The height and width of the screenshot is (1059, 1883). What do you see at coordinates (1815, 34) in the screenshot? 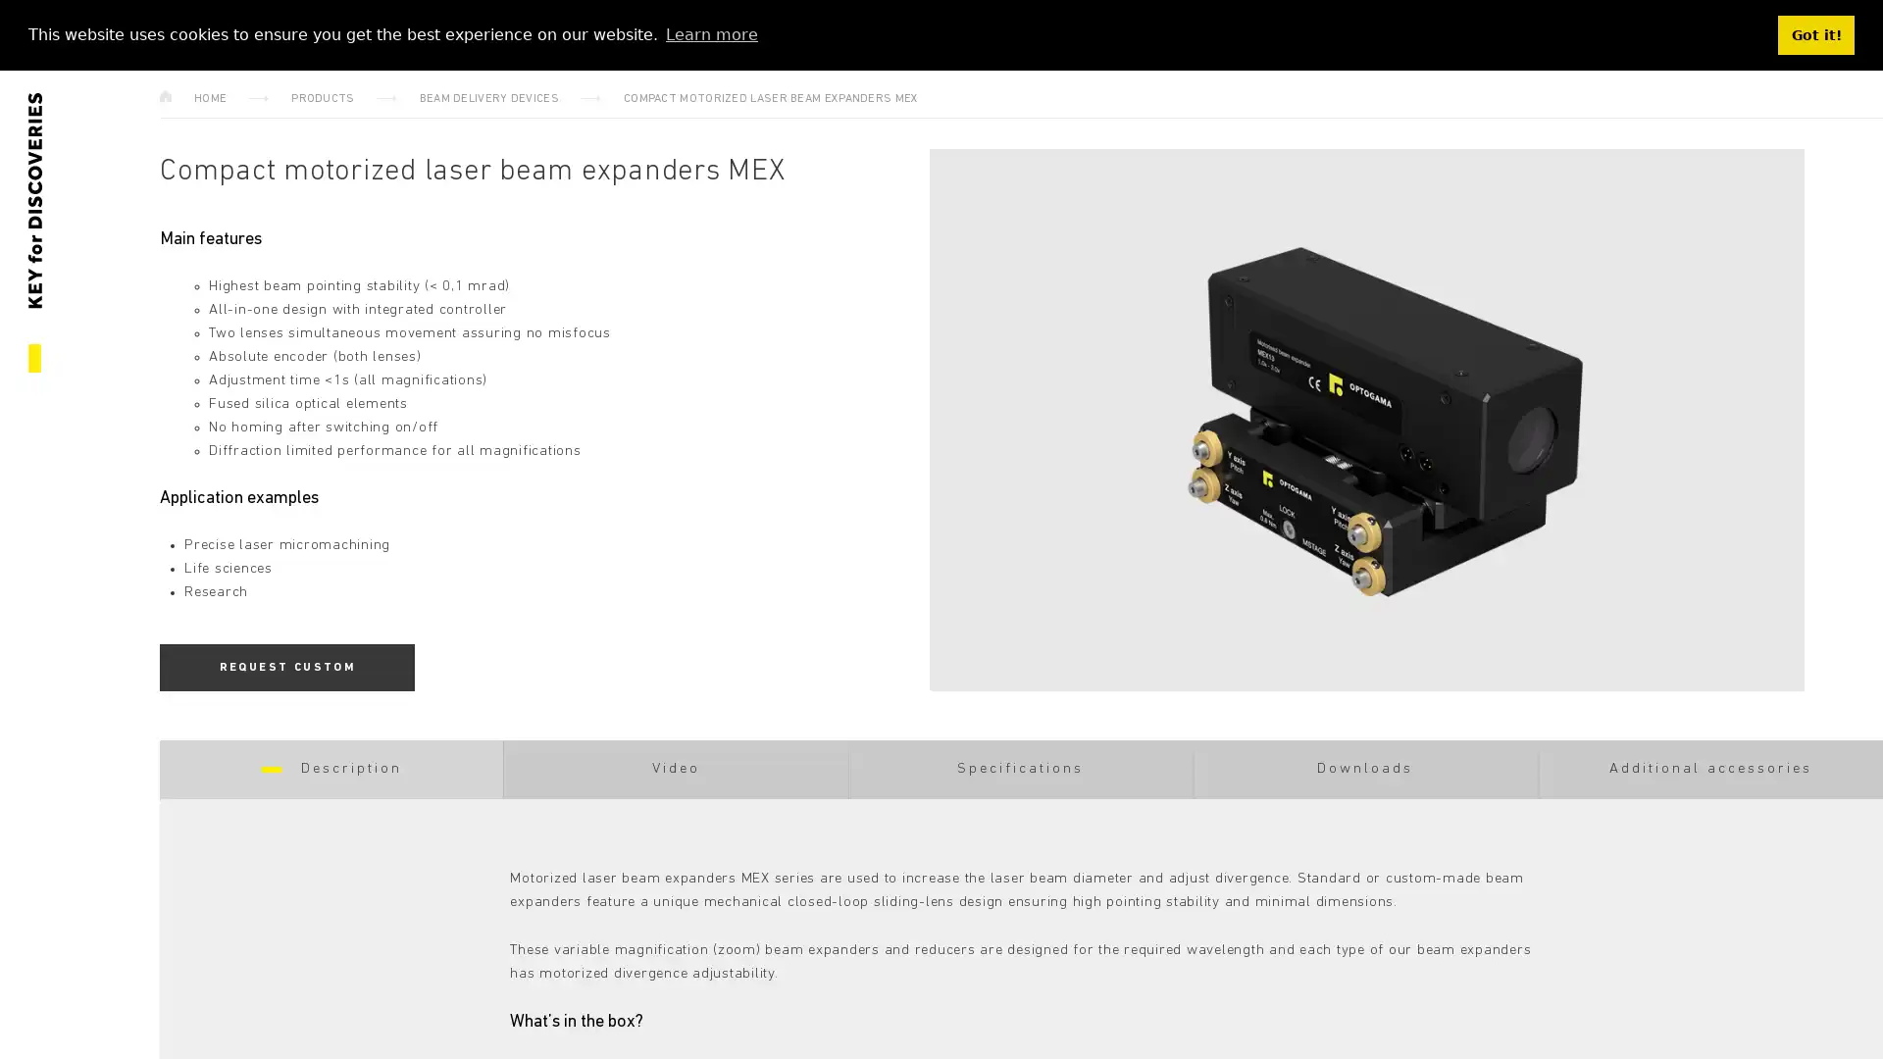
I see `dismiss cookie message` at bounding box center [1815, 34].